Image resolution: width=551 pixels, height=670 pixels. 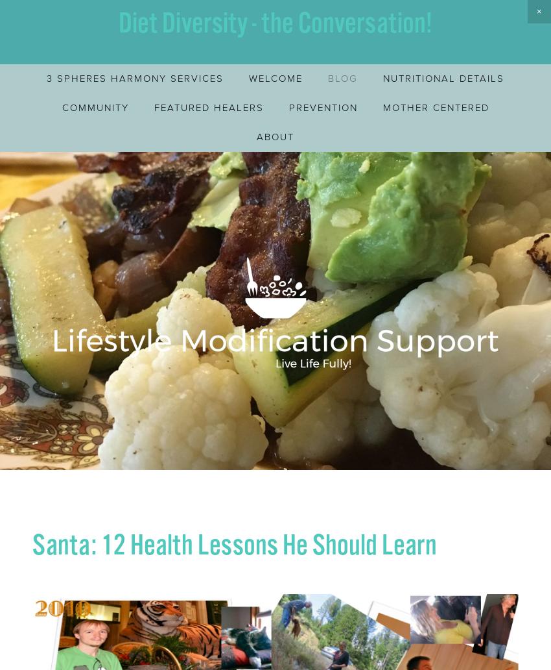 What do you see at coordinates (443, 78) in the screenshot?
I see `'Nutritional Details'` at bounding box center [443, 78].